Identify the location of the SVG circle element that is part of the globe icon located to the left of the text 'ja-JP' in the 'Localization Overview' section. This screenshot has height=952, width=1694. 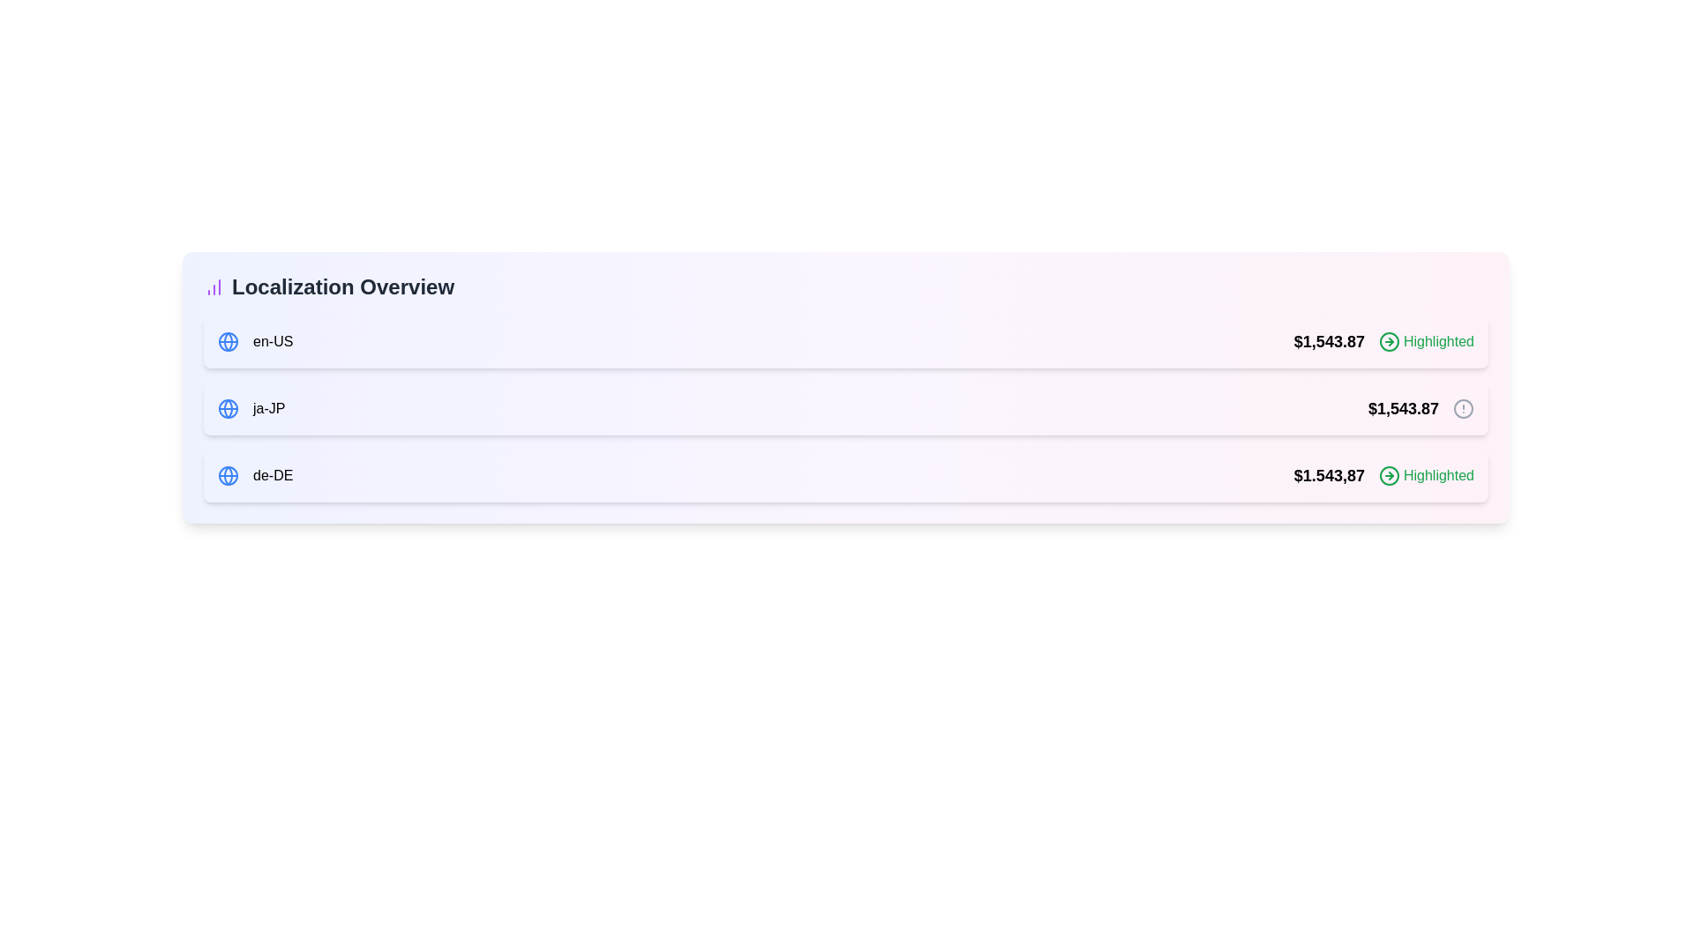
(228, 342).